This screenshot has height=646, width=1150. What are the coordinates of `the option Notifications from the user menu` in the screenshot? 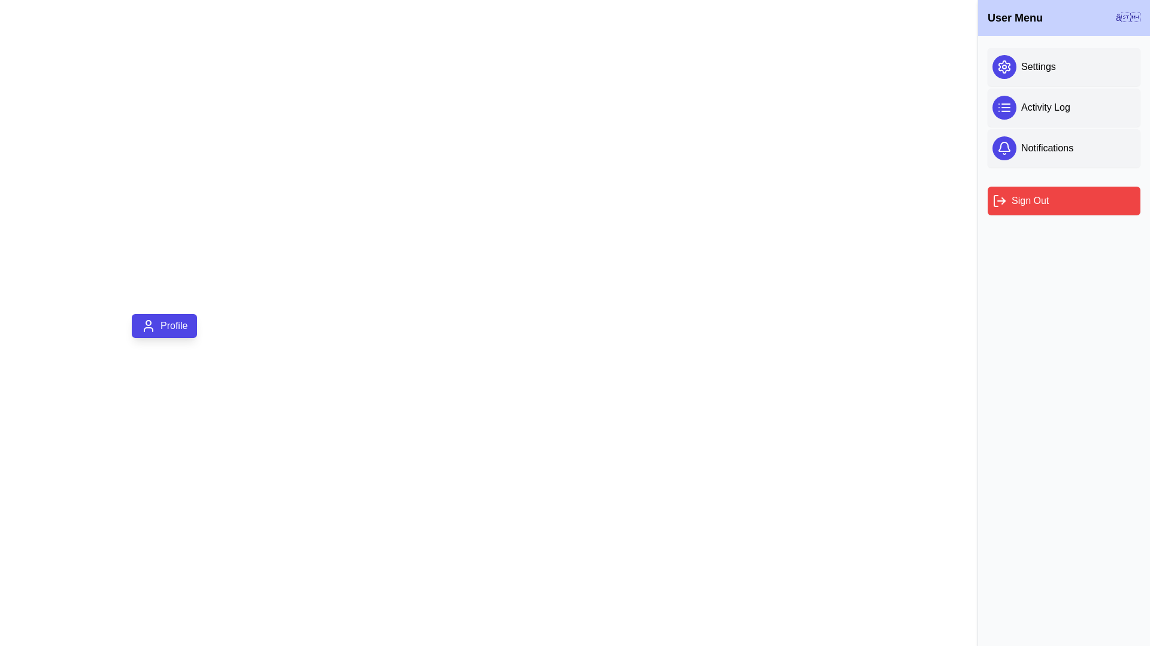 It's located at (1064, 147).